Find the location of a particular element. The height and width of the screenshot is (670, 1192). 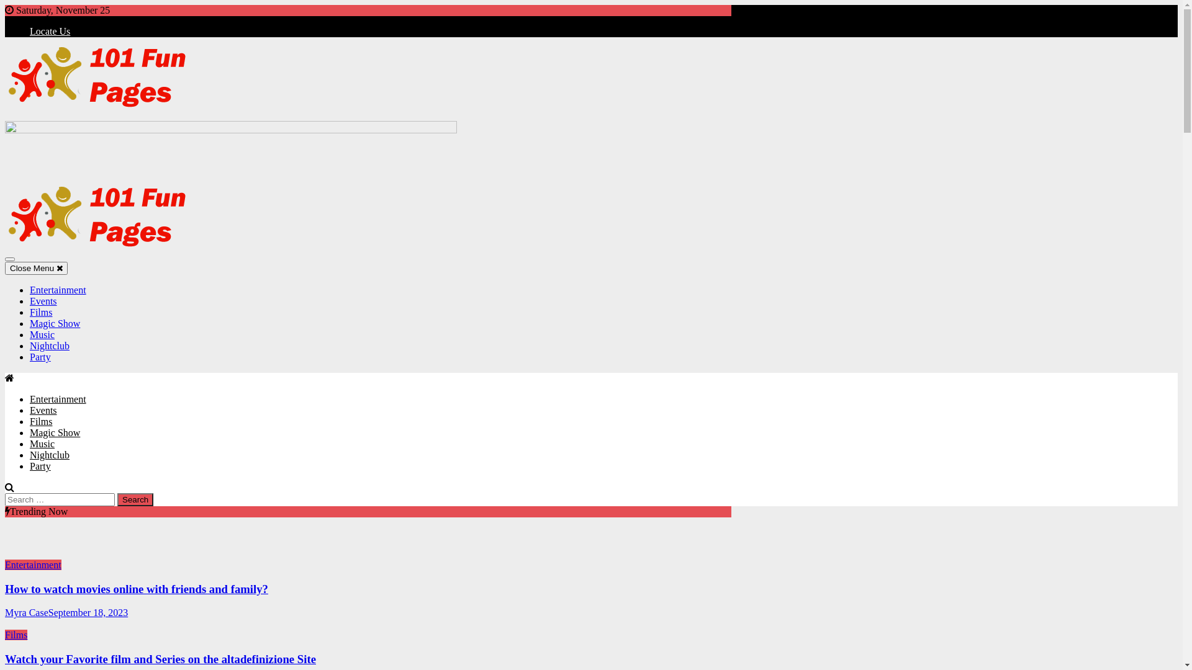

'Entertainment' is located at coordinates (57, 290).